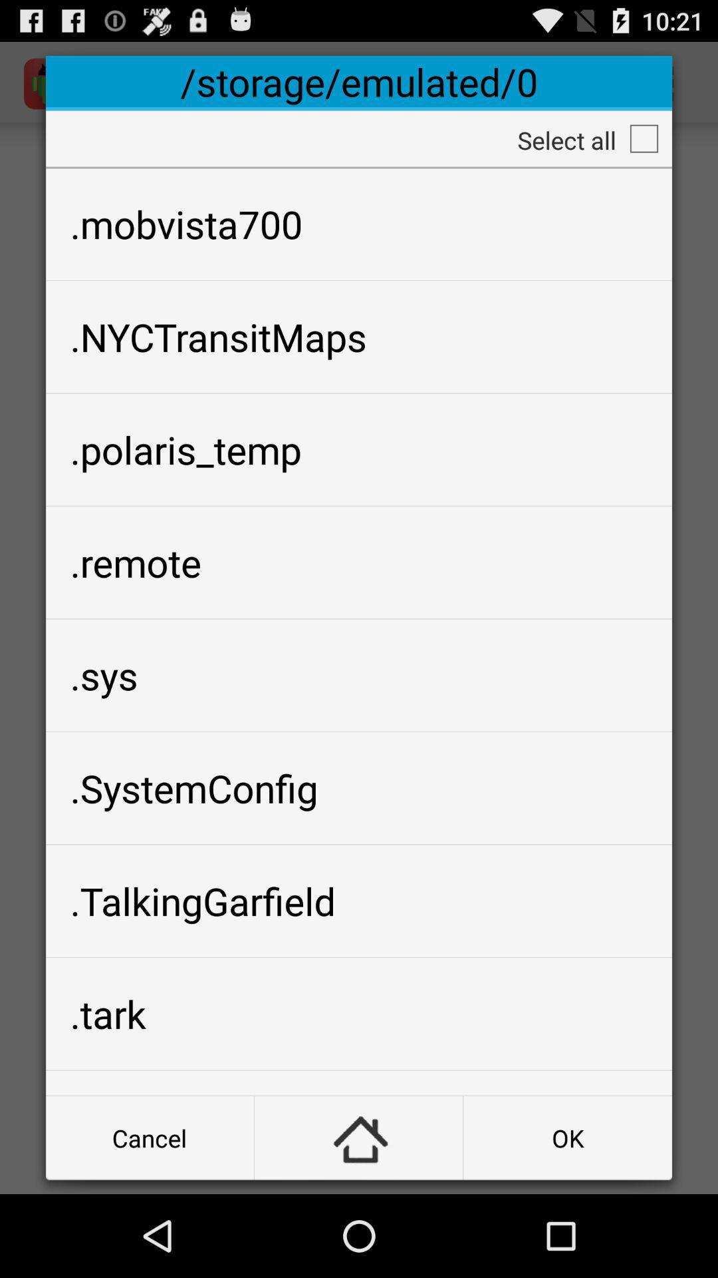 Image resolution: width=718 pixels, height=1278 pixels. Describe the element at coordinates (358, 1137) in the screenshot. I see `the icon below .transportext app` at that location.